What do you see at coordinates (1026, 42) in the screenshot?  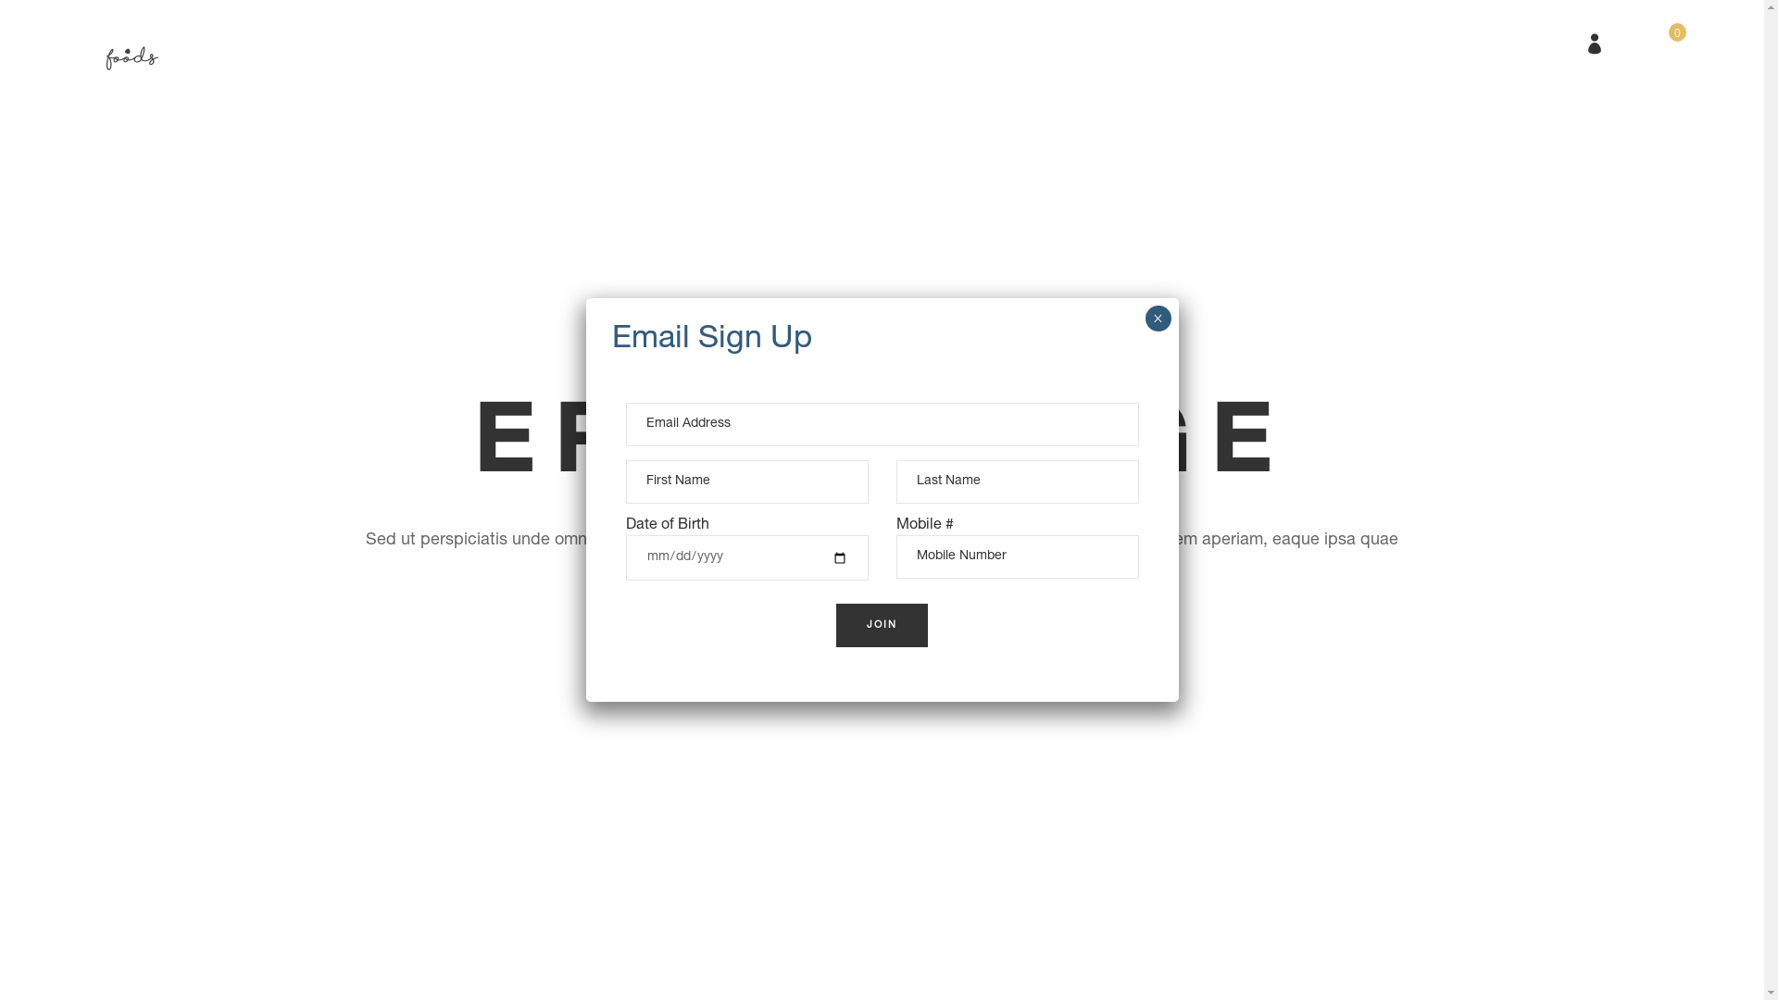 I see `'DELIVERY SCHEDULE'` at bounding box center [1026, 42].